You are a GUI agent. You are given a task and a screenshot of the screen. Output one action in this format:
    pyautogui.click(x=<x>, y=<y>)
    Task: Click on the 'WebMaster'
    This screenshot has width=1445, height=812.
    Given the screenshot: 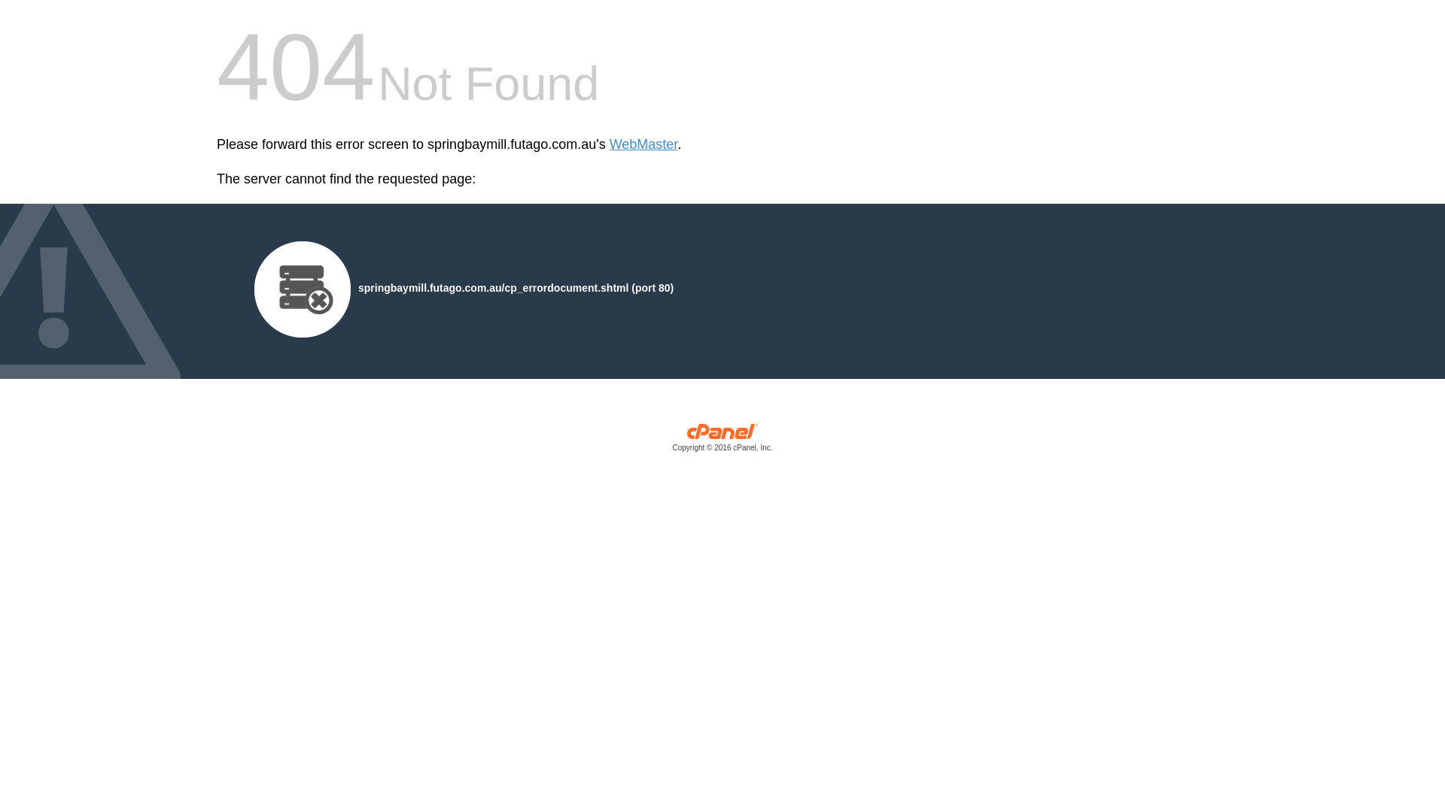 What is the action you would take?
    pyautogui.click(x=643, y=144)
    